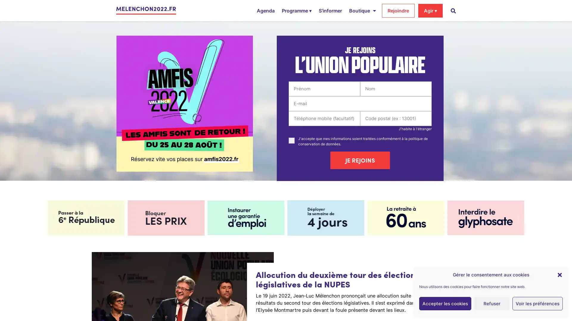 The height and width of the screenshot is (321, 572). I want to click on Previous slide, so click(54, 218).